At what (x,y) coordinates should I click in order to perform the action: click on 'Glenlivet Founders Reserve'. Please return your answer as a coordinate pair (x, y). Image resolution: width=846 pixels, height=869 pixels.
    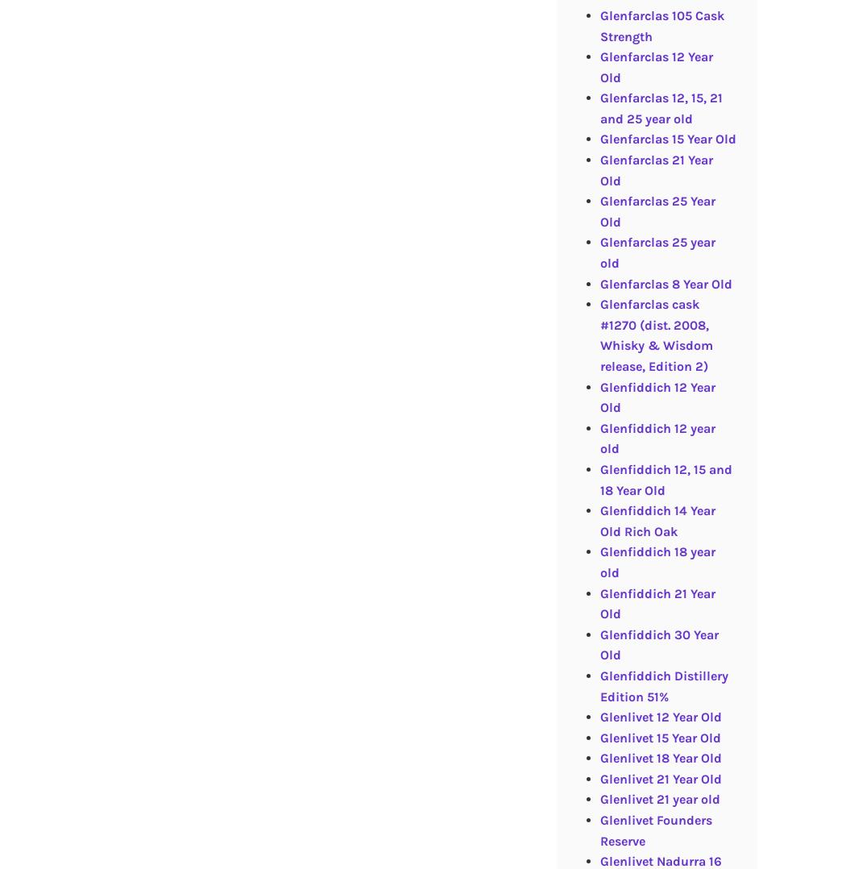
    Looking at the image, I should click on (654, 829).